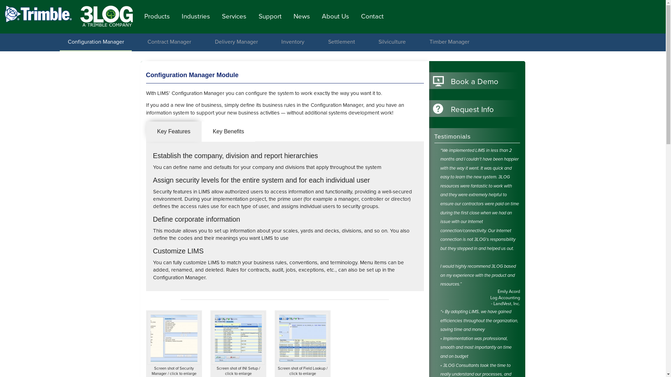 This screenshot has width=671, height=377. What do you see at coordinates (196, 16) in the screenshot?
I see `'Industries'` at bounding box center [196, 16].